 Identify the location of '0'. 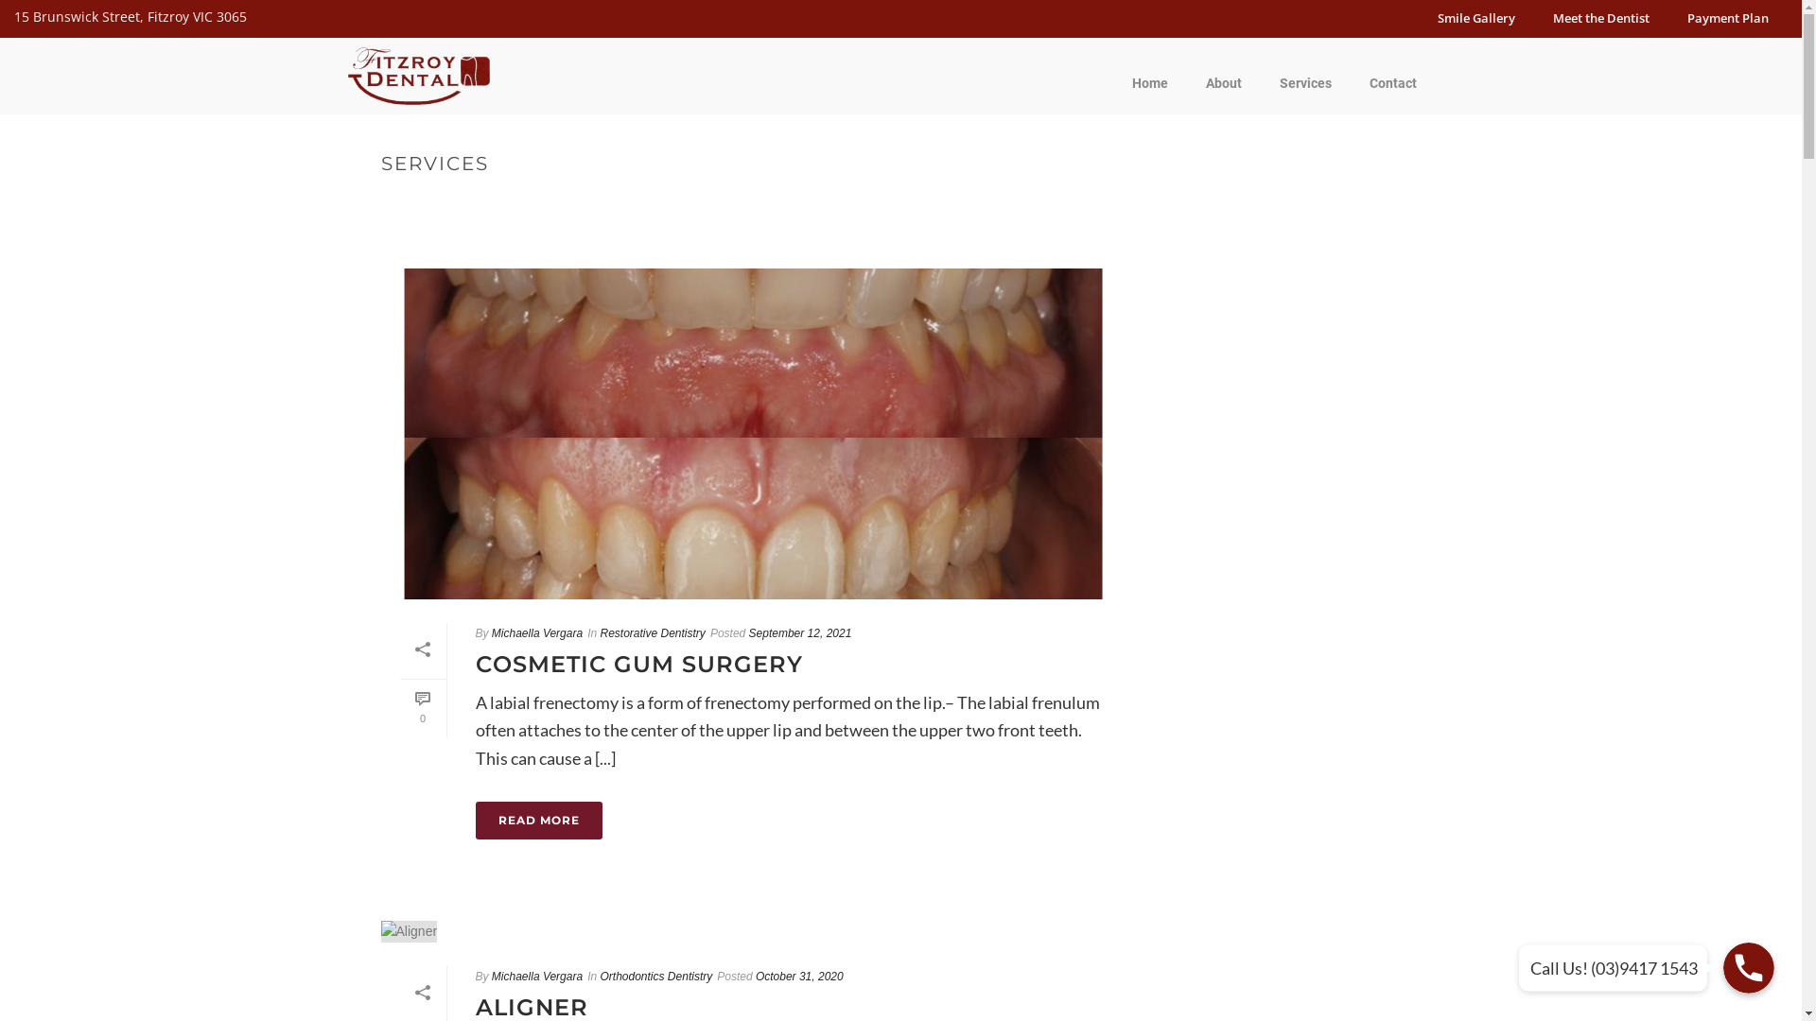
(398, 708).